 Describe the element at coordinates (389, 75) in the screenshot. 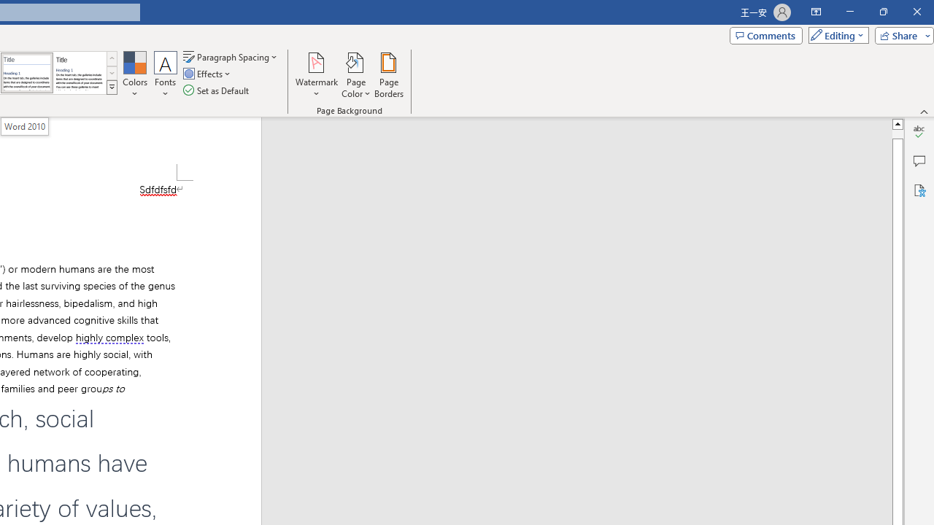

I see `'Page Borders...'` at that location.